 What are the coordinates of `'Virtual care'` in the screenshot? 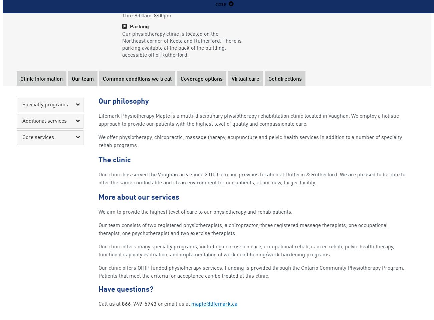 It's located at (245, 79).